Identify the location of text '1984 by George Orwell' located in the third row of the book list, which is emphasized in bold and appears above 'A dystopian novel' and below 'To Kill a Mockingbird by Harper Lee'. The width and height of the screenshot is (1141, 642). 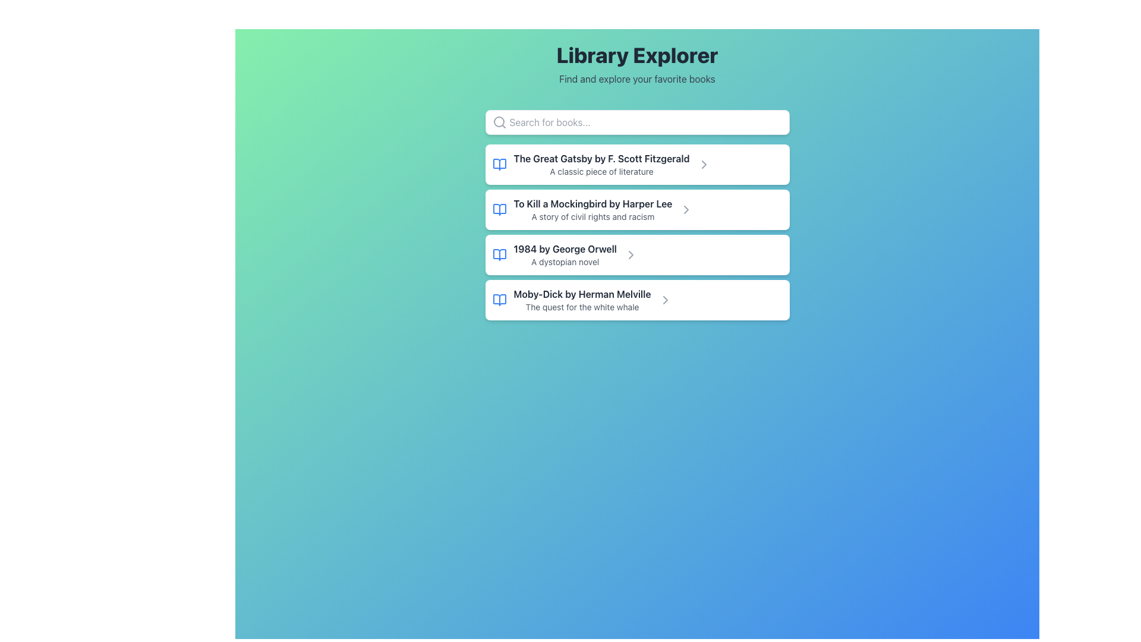
(565, 248).